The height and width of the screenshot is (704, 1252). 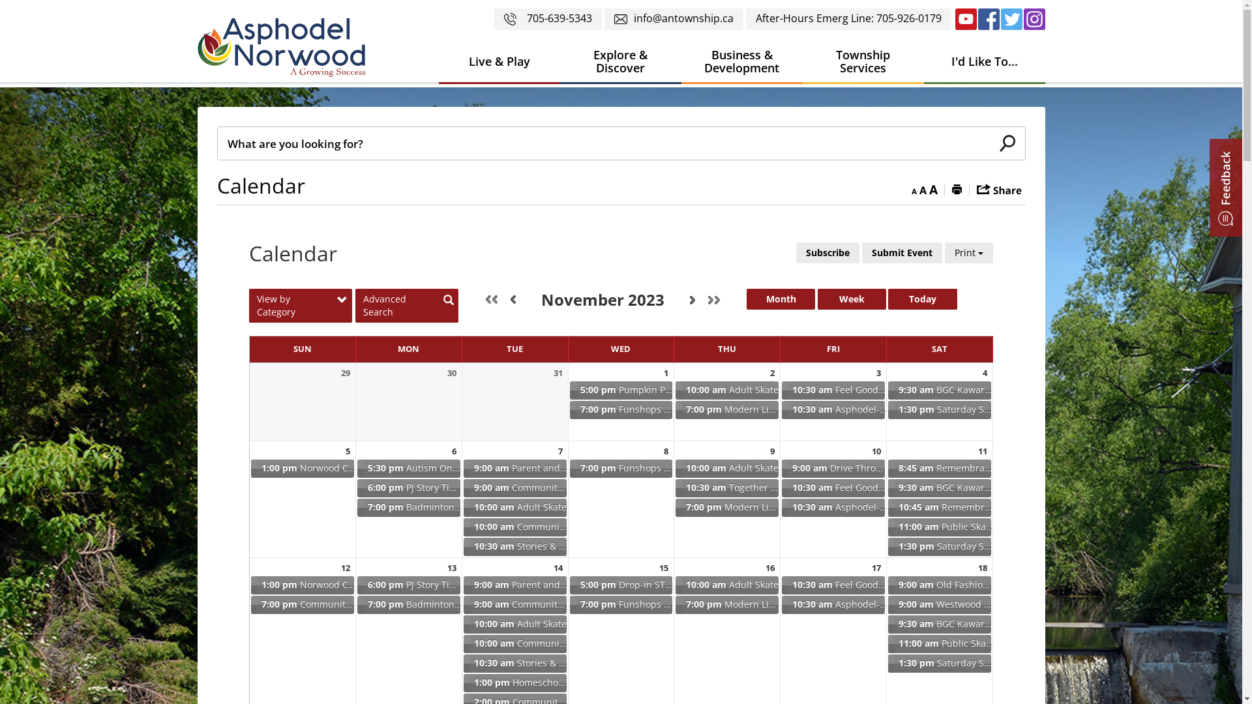 What do you see at coordinates (356, 605) in the screenshot?
I see `'7:00 pm Badminton Club'` at bounding box center [356, 605].